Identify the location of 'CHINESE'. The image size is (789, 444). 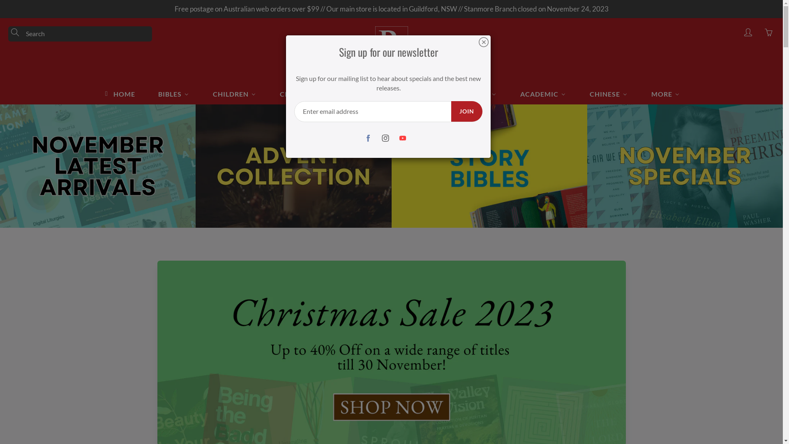
(577, 93).